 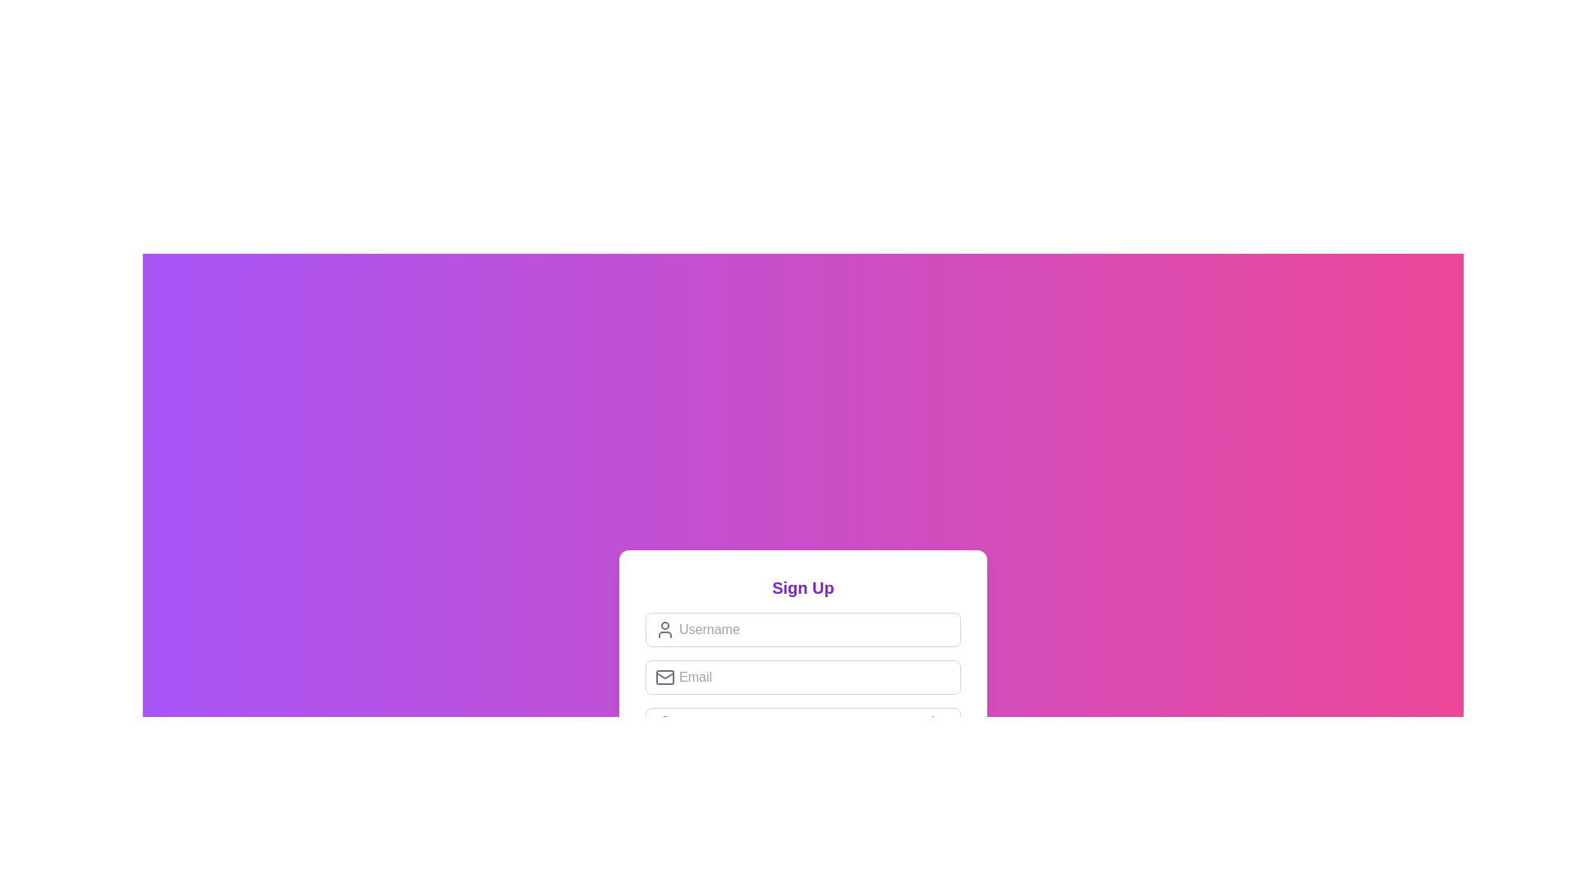 I want to click on the icon that serves as a visual indicator for the email input field, located to the left of the email input field within the sign-up form, so click(x=665, y=678).